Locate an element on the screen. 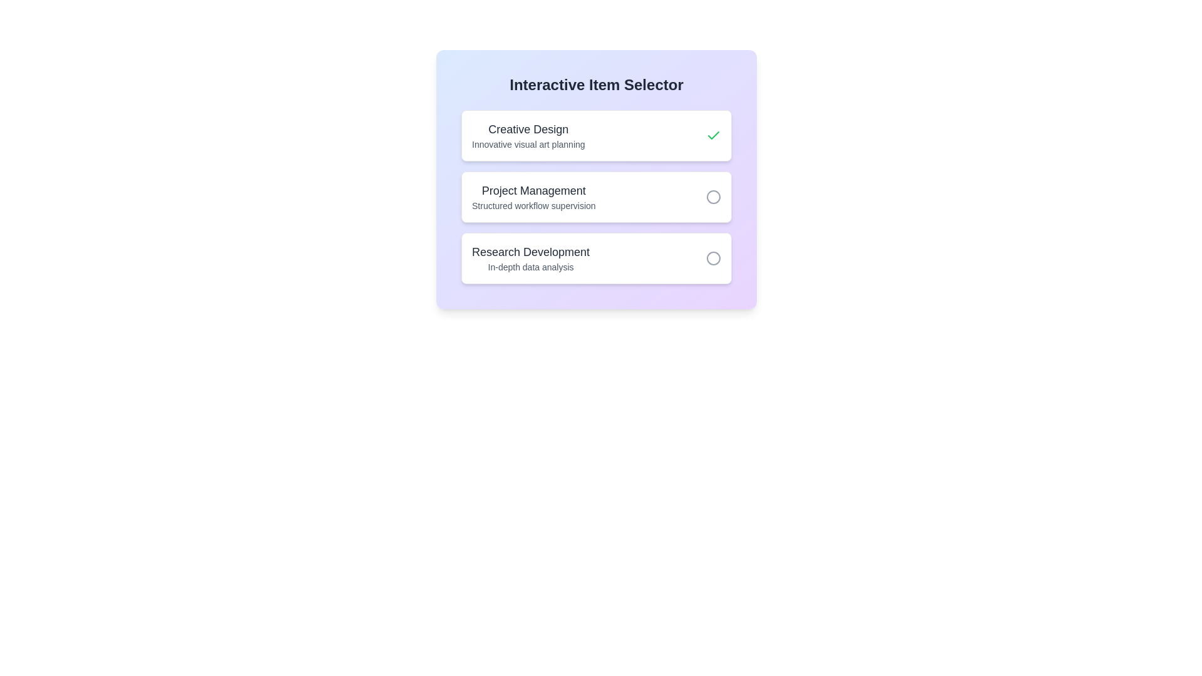  the item Creative Design by clicking its toggle button is located at coordinates (714, 135).